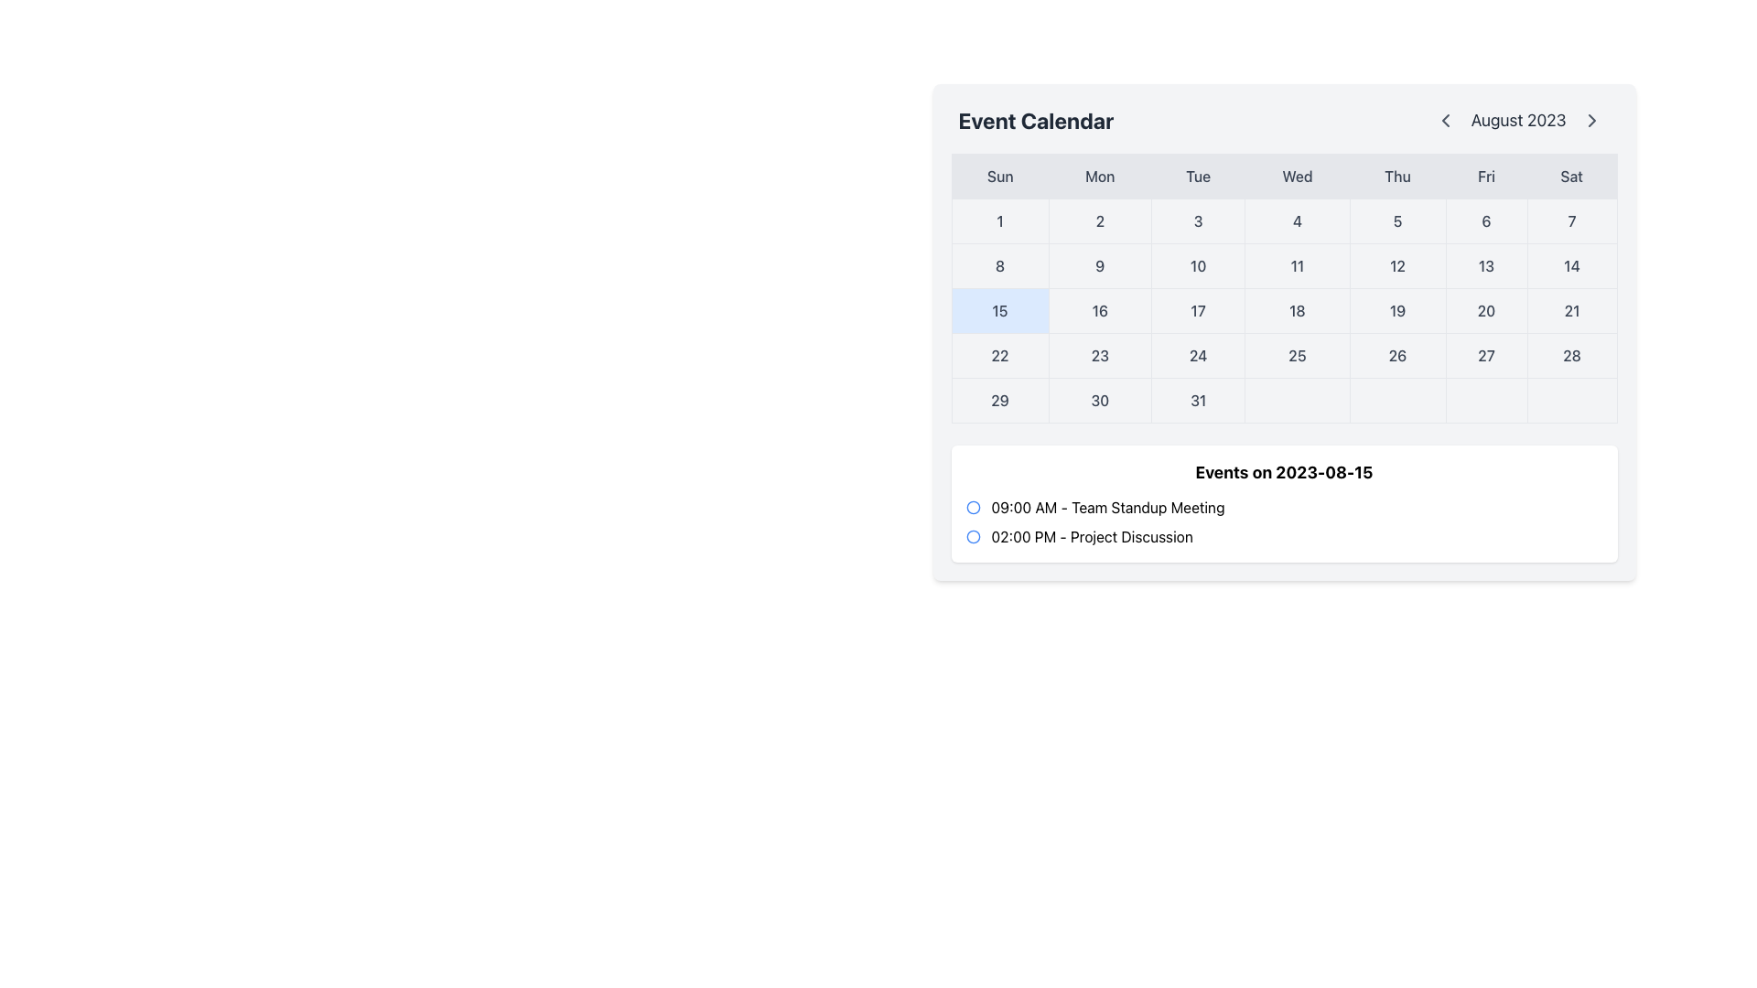 The image size is (1757, 988). Describe the element at coordinates (1296, 176) in the screenshot. I see `the static label for Wednesday, which is the fourth label in the series of weekday labels at the top of the calendar view` at that location.